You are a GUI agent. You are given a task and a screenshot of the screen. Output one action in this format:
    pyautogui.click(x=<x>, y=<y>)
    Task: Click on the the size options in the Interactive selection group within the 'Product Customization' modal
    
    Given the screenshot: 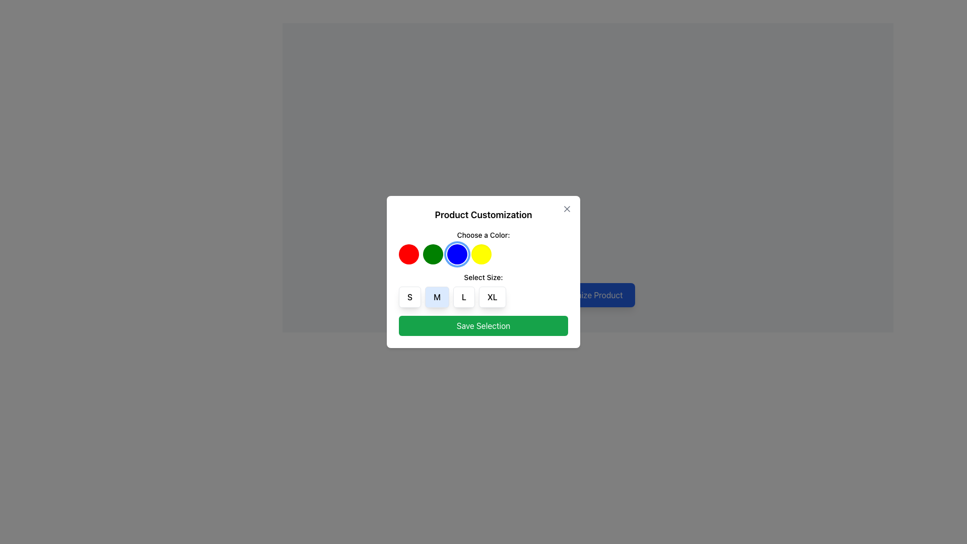 What is the action you would take?
    pyautogui.click(x=483, y=290)
    